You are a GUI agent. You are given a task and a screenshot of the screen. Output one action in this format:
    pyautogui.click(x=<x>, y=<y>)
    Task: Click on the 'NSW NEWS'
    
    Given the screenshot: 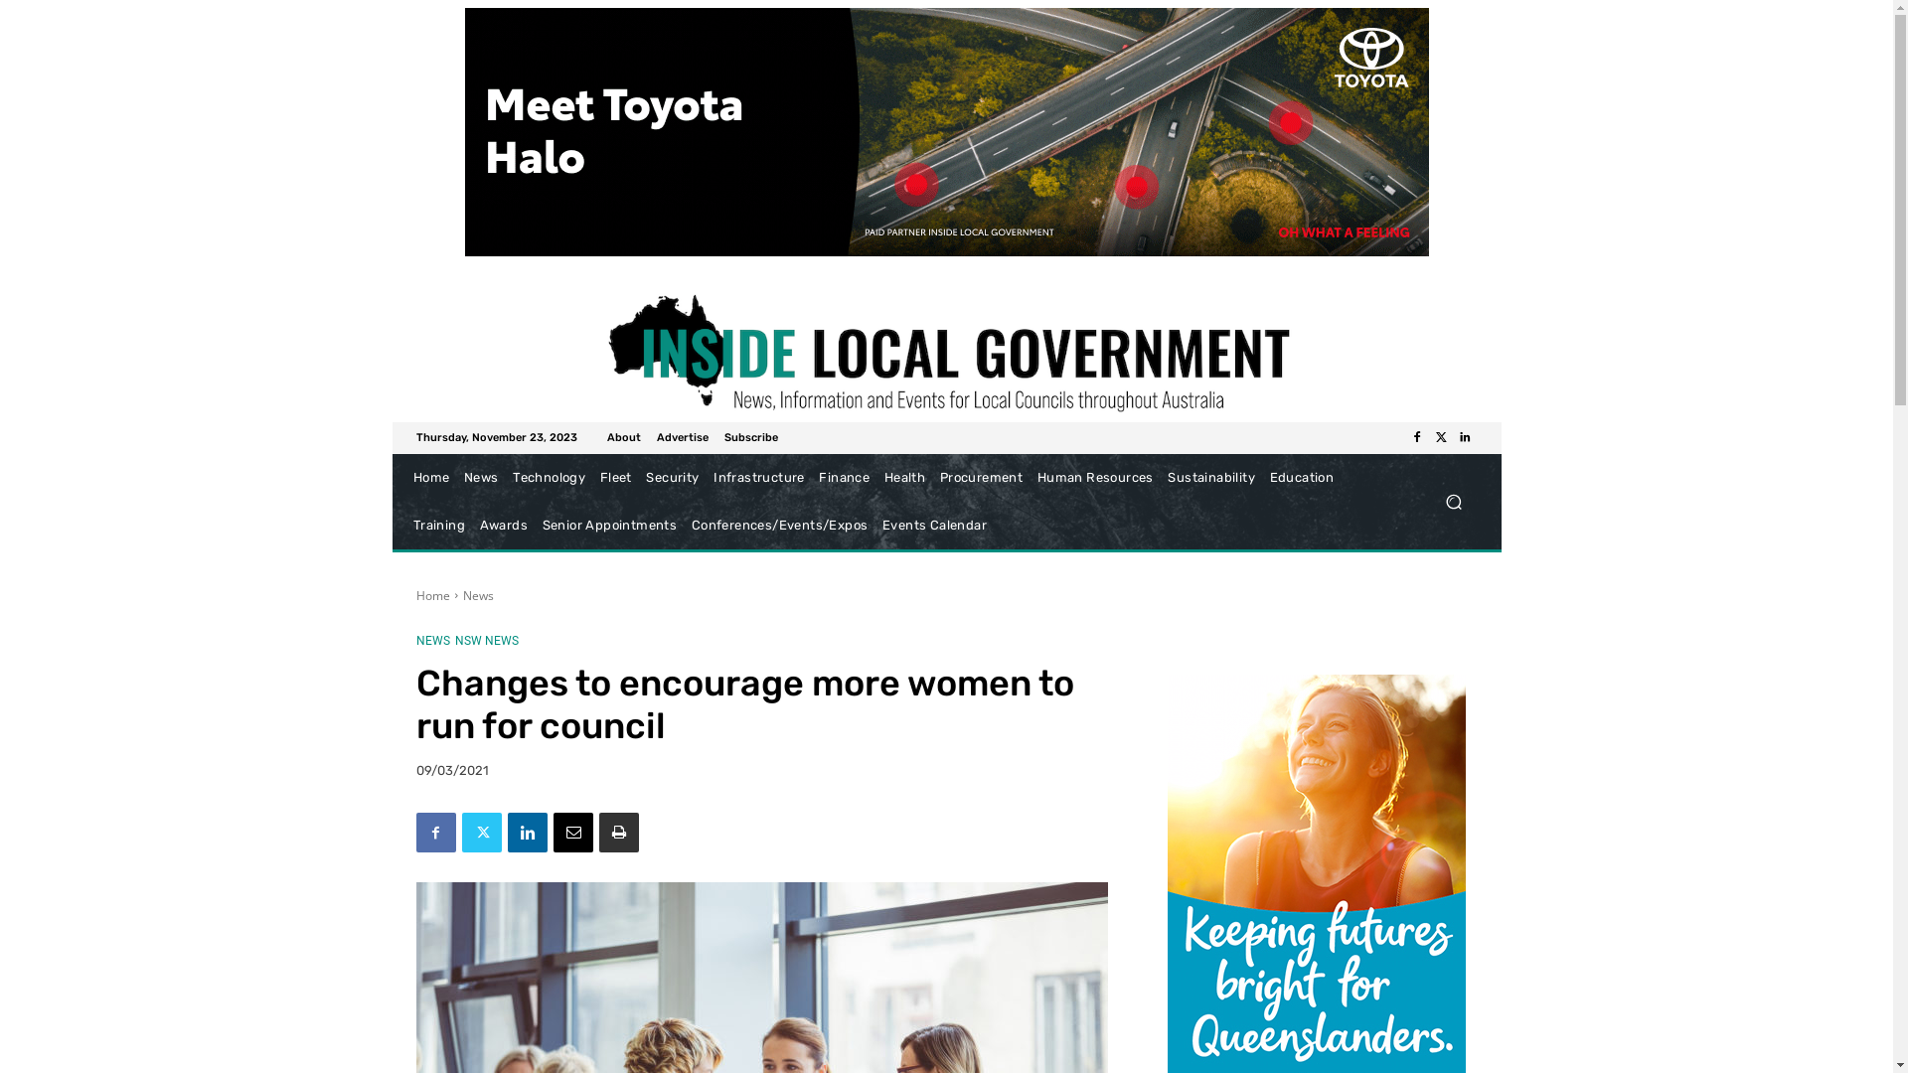 What is the action you would take?
    pyautogui.click(x=486, y=640)
    